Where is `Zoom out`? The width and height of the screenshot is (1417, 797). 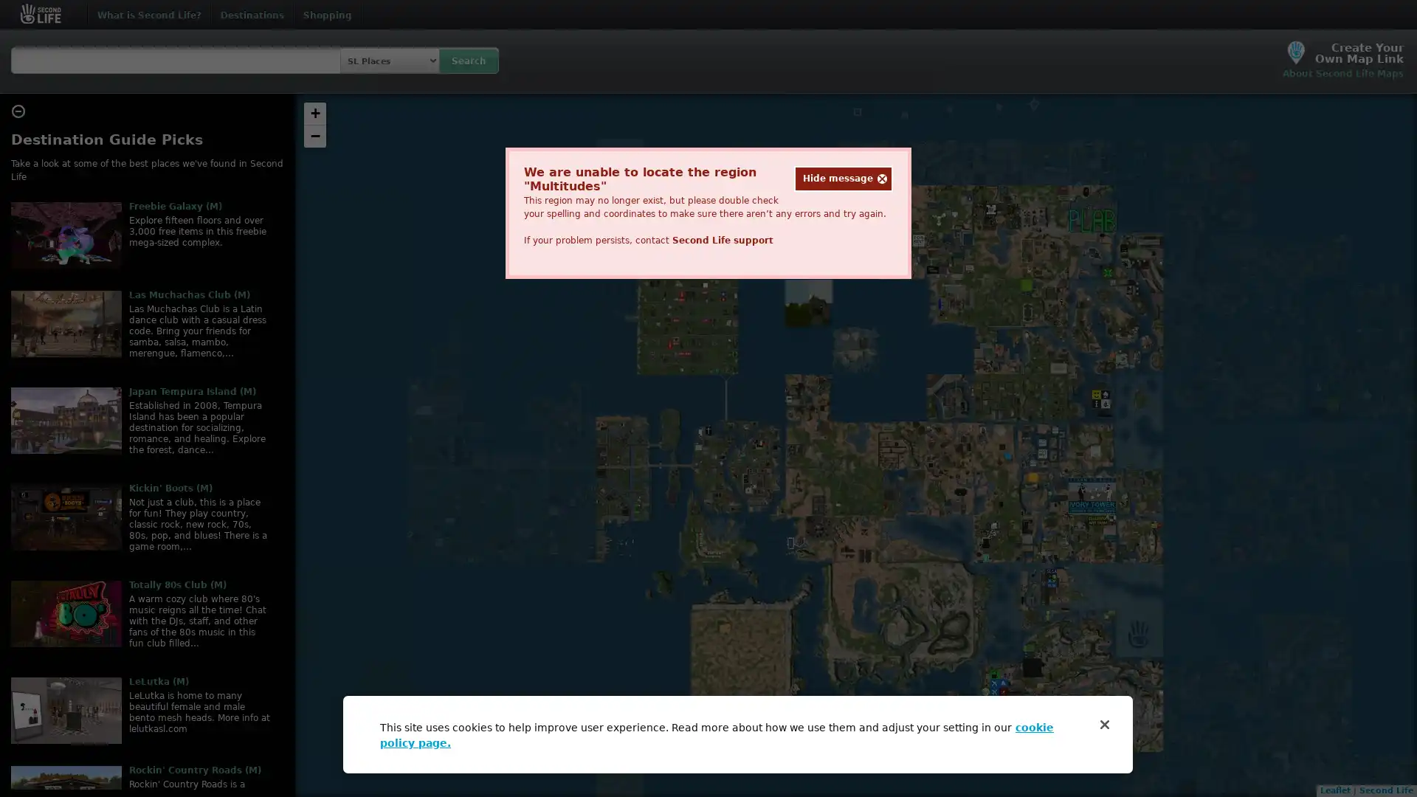
Zoom out is located at coordinates (314, 137).